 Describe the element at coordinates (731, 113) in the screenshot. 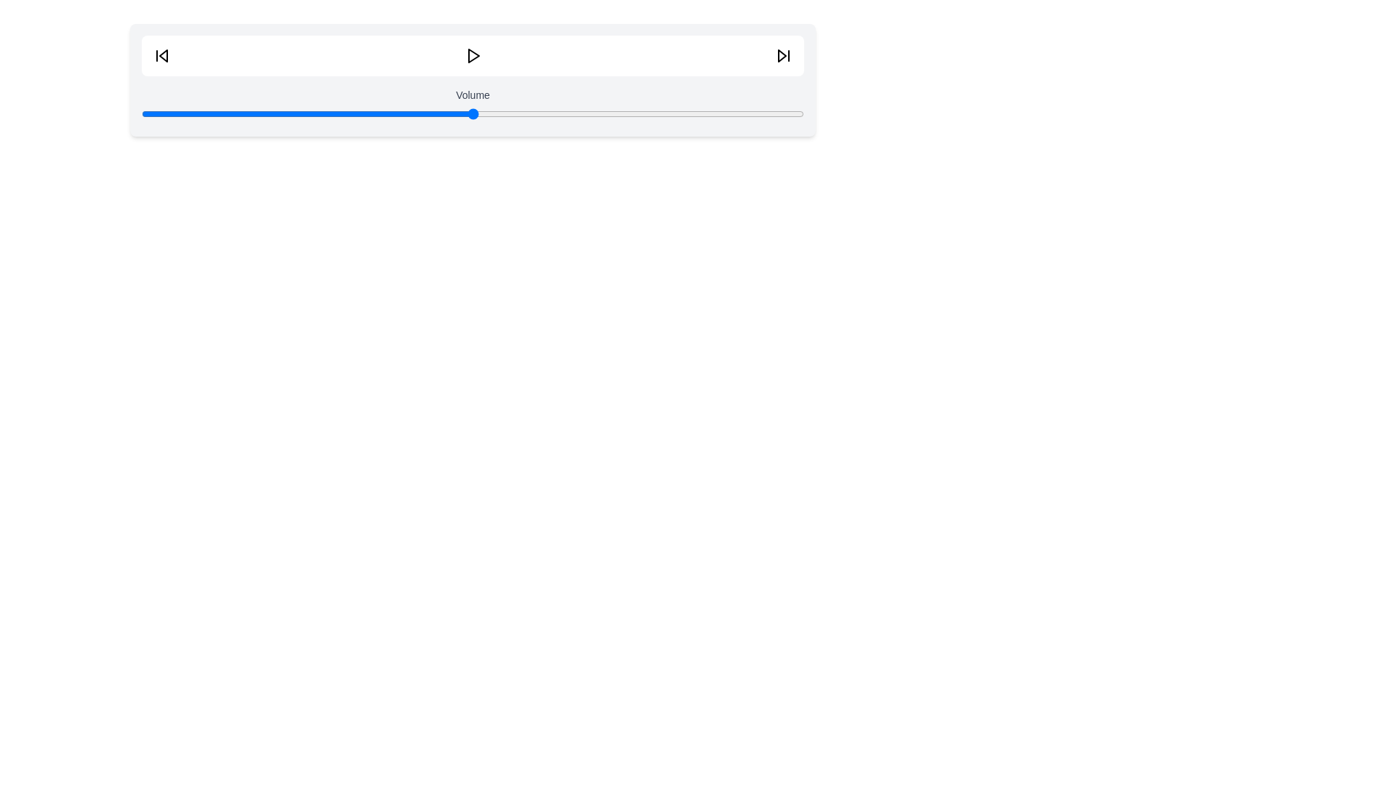

I see `the volume level` at that location.